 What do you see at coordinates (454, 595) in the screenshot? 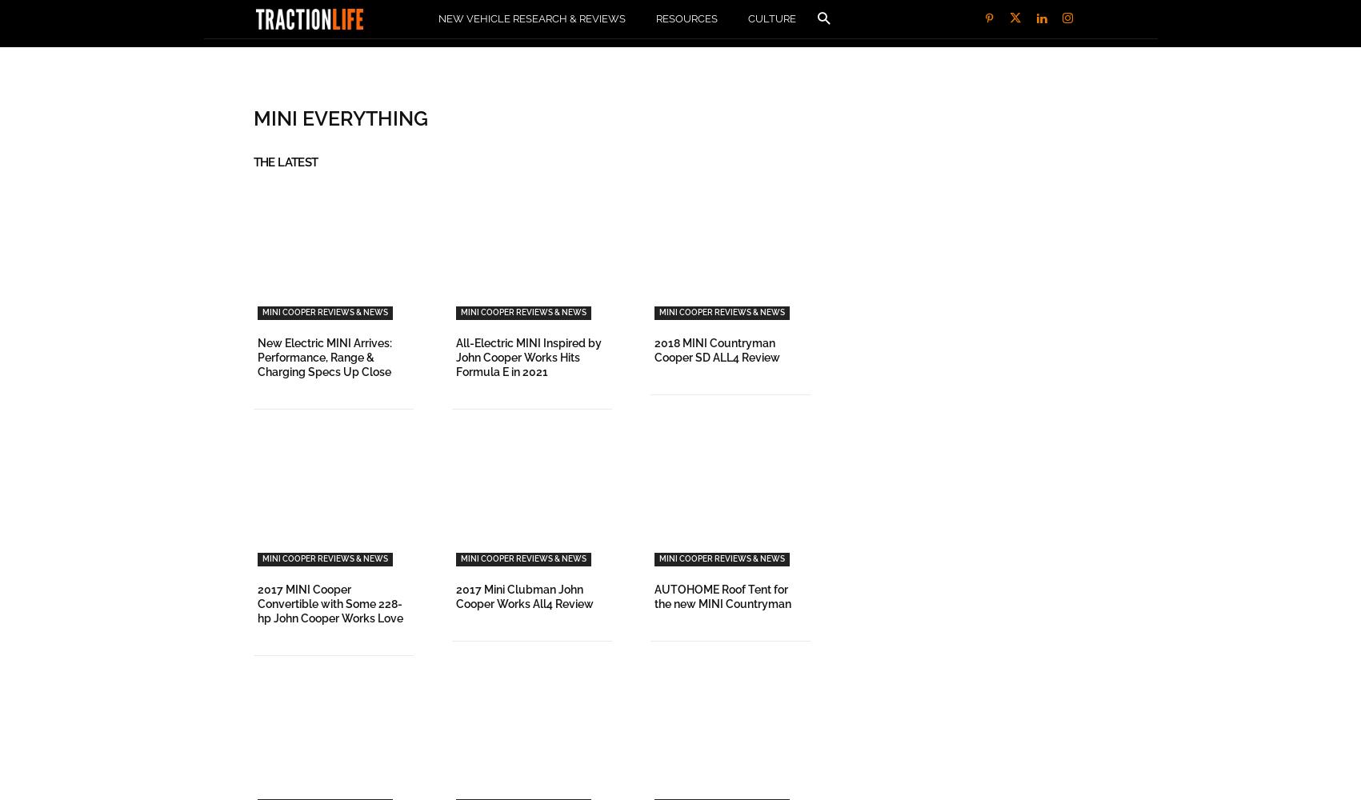
I see `'2017 Mini Clubman John Cooper Works All4 Review'` at bounding box center [454, 595].